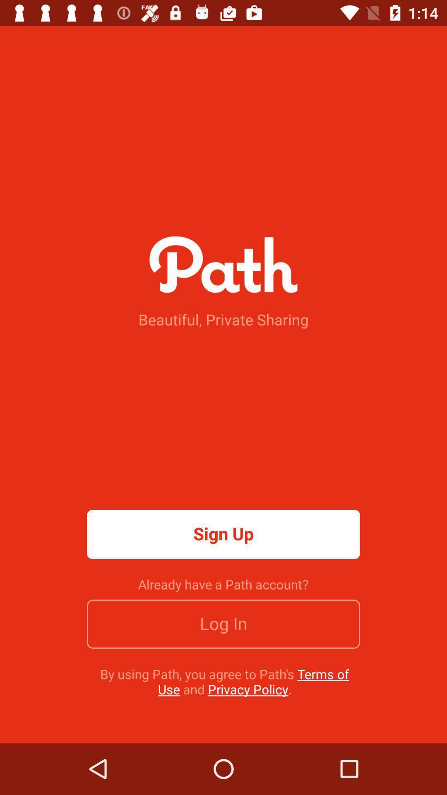 The width and height of the screenshot is (447, 795). What do you see at coordinates (223, 624) in the screenshot?
I see `the log in item` at bounding box center [223, 624].